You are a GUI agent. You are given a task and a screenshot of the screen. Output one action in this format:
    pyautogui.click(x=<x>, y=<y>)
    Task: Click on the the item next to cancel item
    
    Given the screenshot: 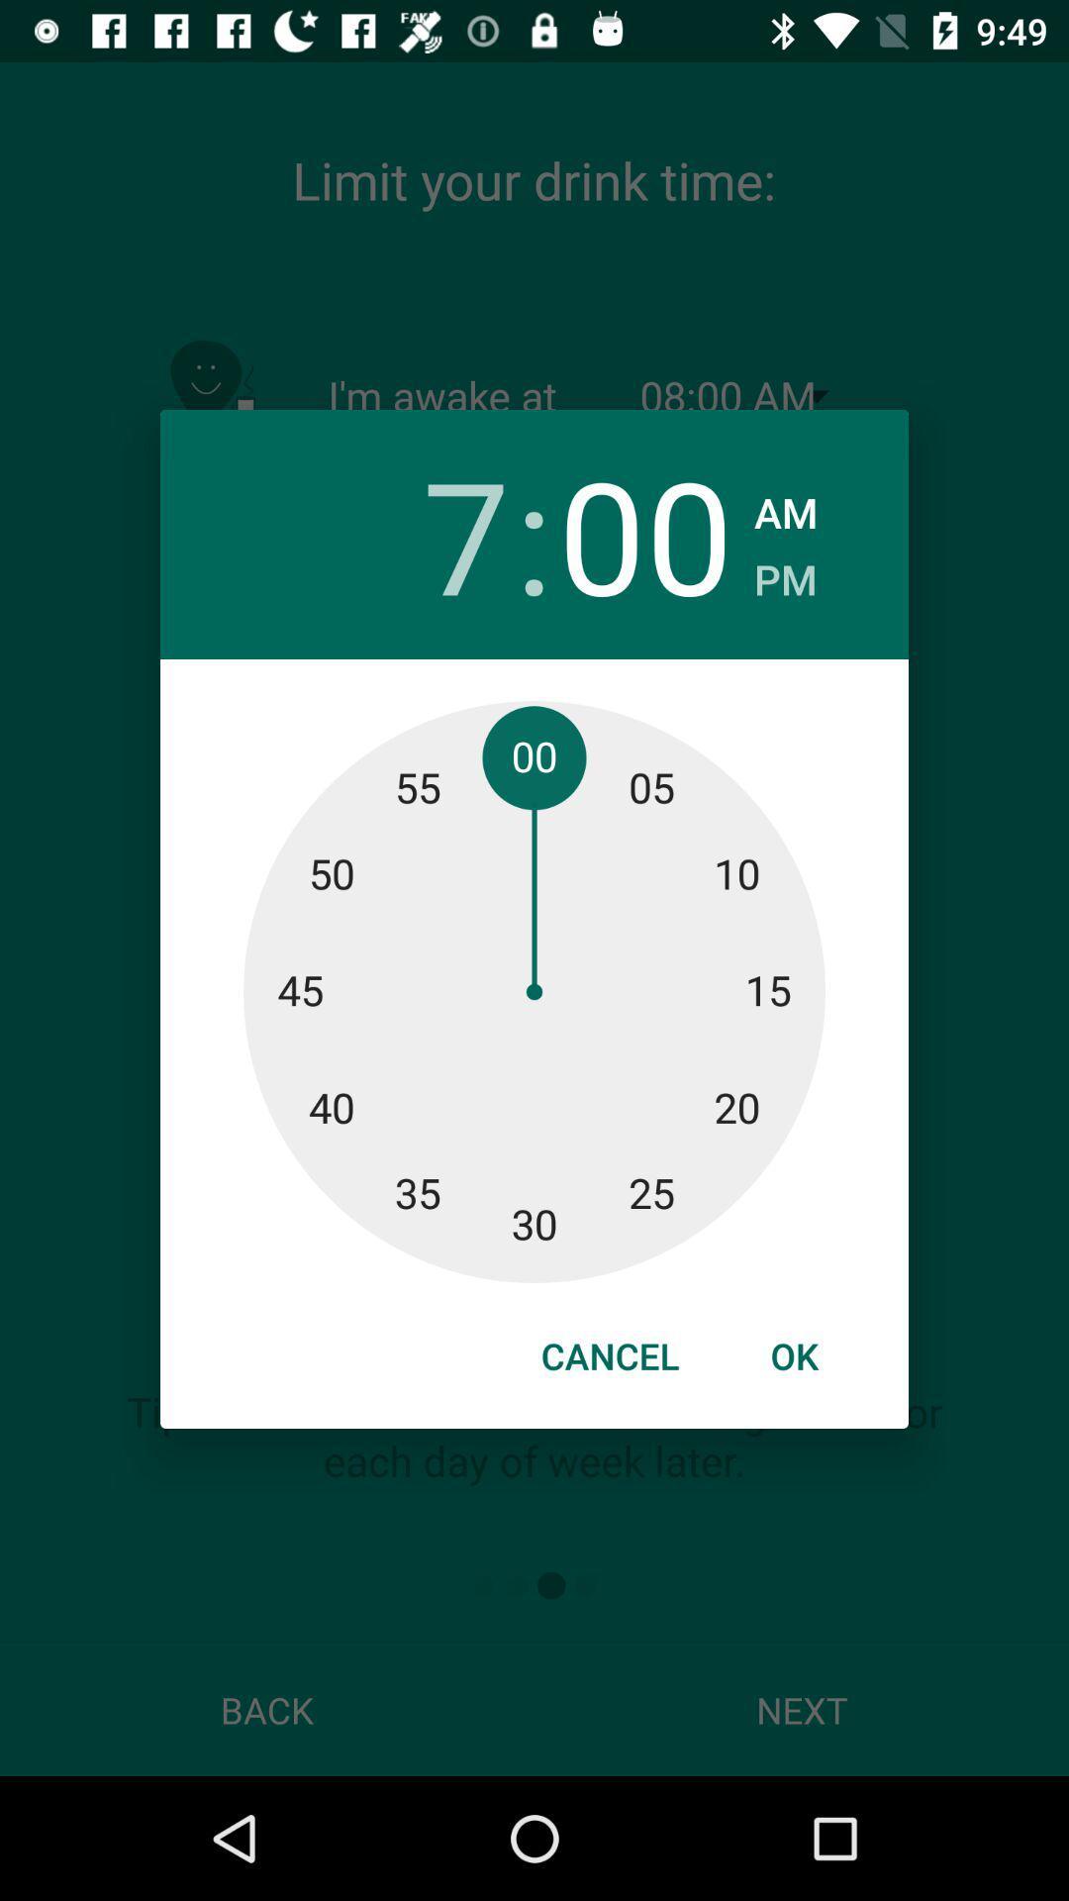 What is the action you would take?
    pyautogui.click(x=793, y=1354)
    